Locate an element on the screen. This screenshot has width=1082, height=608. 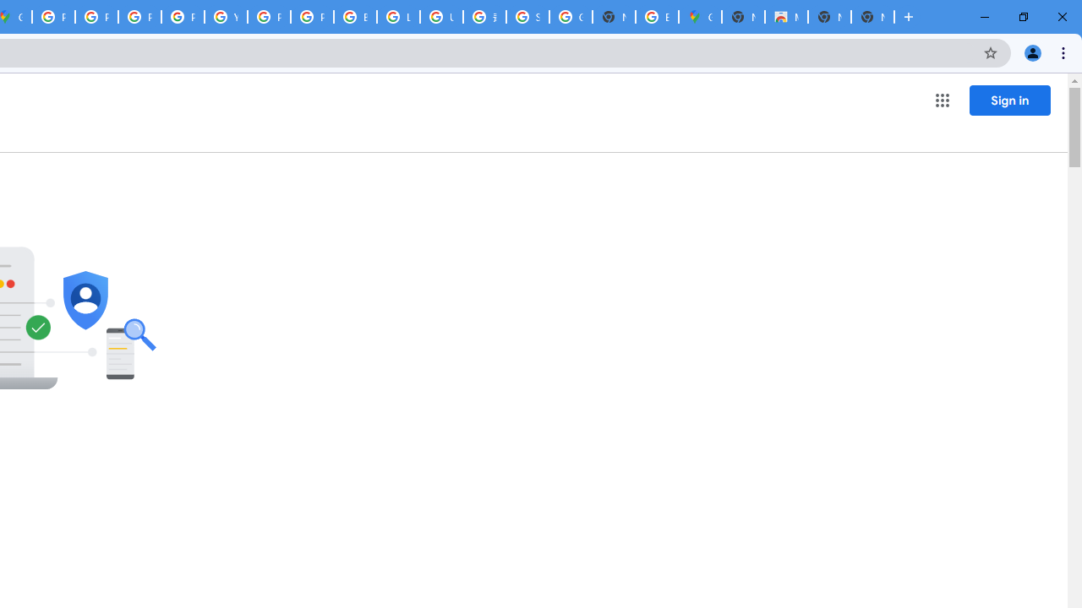
'Google Maps' is located at coordinates (700, 17).